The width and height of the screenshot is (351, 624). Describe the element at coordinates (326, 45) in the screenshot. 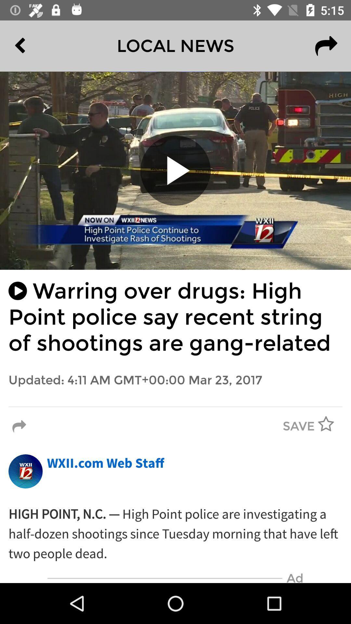

I see `the item at the top right corner` at that location.